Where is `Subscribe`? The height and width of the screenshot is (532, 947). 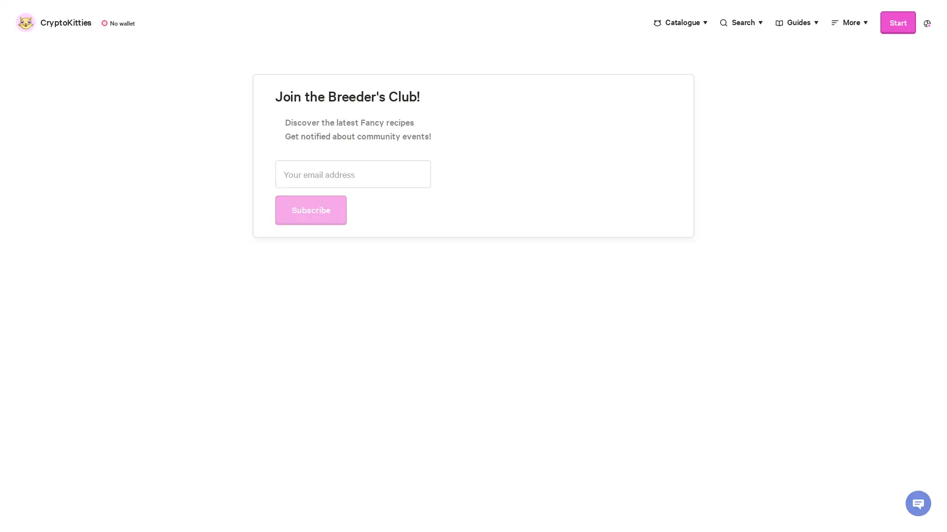 Subscribe is located at coordinates (508, 239).